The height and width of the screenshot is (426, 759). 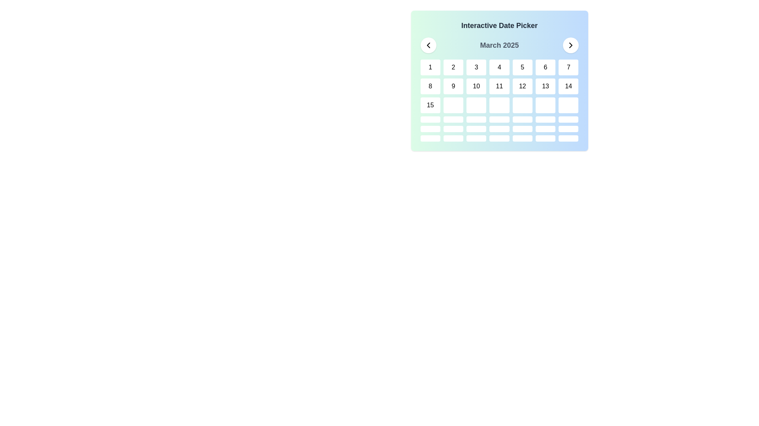 What do you see at coordinates (476, 67) in the screenshot?
I see `the numbered button labeled '3' in the calendar grid for March 2025` at bounding box center [476, 67].